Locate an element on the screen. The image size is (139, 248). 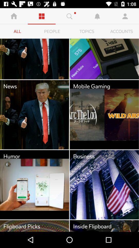
item to the left of people icon is located at coordinates (17, 31).